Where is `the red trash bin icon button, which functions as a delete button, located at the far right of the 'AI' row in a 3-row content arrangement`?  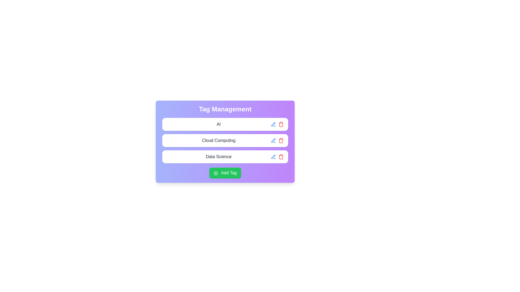 the red trash bin icon button, which functions as a delete button, located at the far right of the 'AI' row in a 3-row content arrangement is located at coordinates (281, 124).